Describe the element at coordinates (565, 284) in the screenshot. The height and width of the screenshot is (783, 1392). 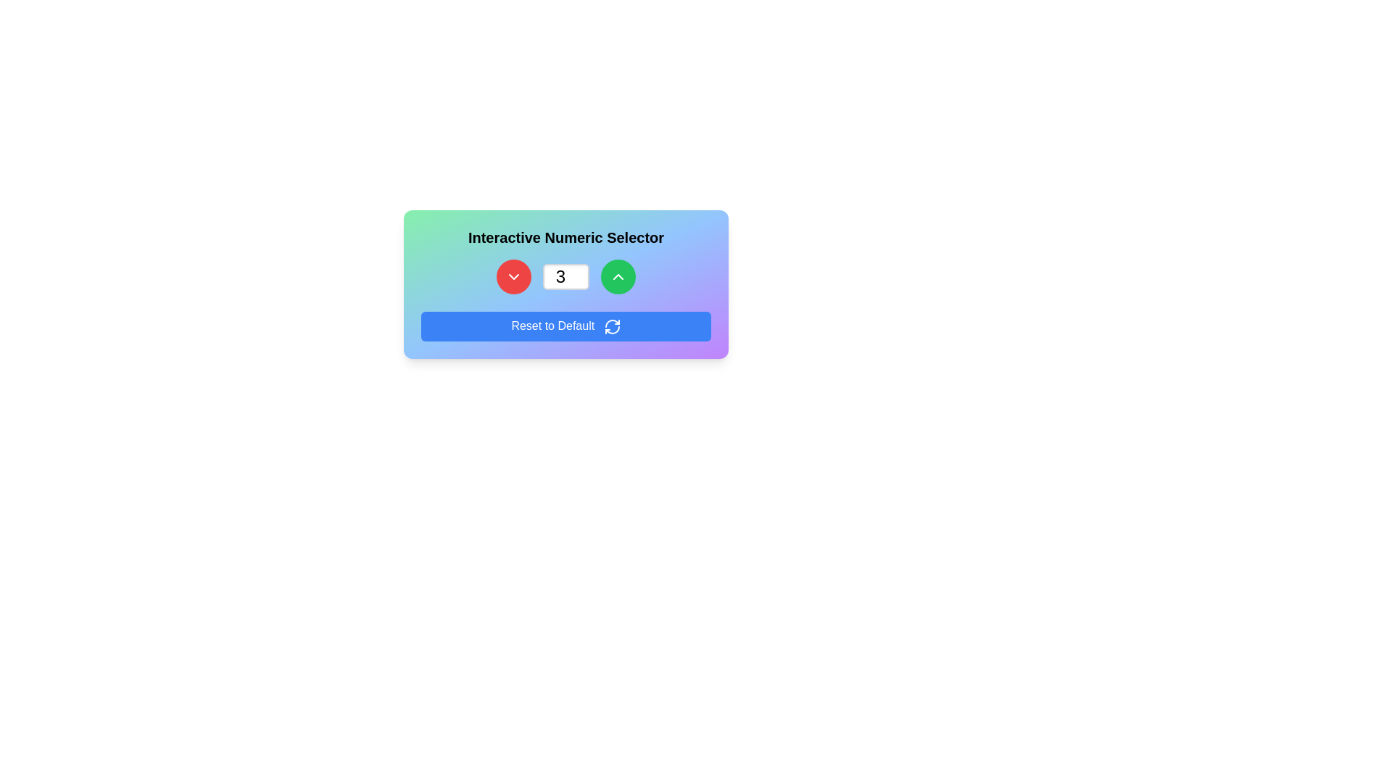
I see `the numeric input box, which has a light white background and a gray border, displaying the number '3' in a bold font, located centrally between the decrement and increment buttons` at that location.